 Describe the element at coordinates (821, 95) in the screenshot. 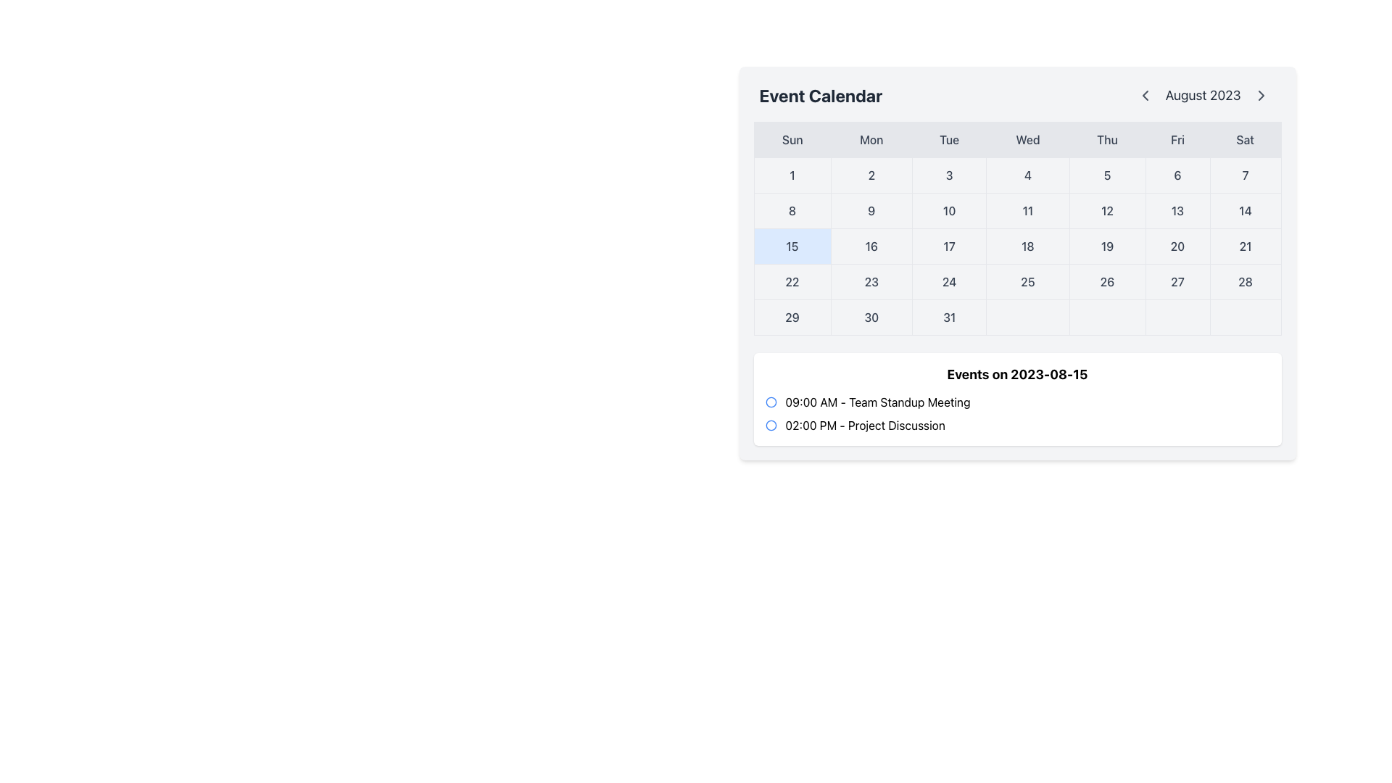

I see `text from the header label of the calendar interface, which is located at the top-left section, to the left of 'August 2023'` at that location.